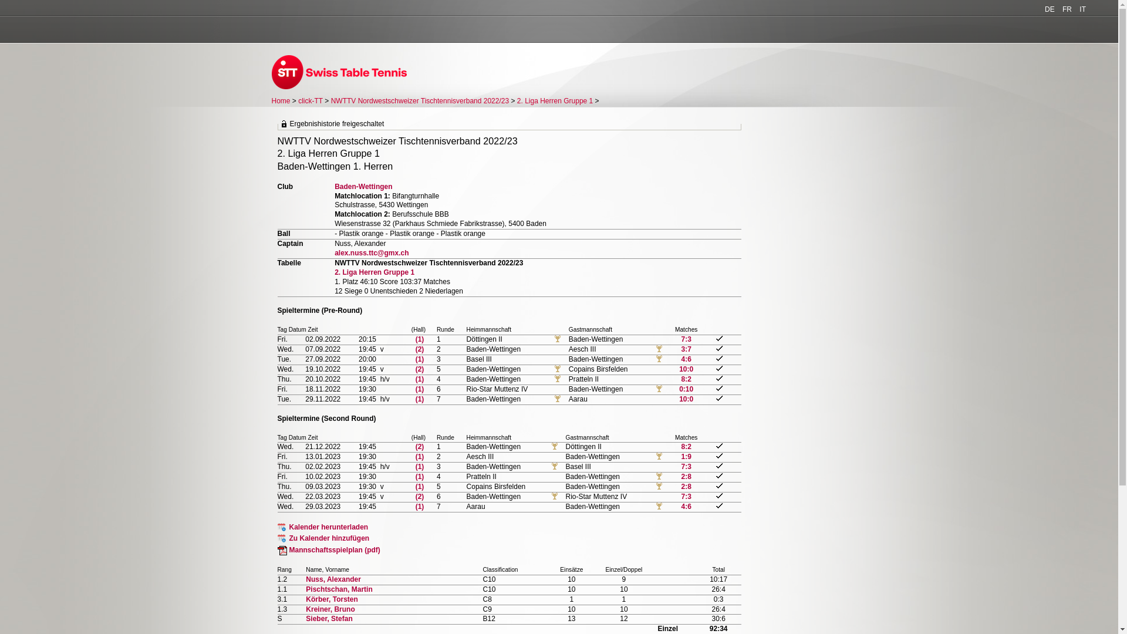 Image resolution: width=1127 pixels, height=634 pixels. What do you see at coordinates (686, 456) in the screenshot?
I see `'1:9'` at bounding box center [686, 456].